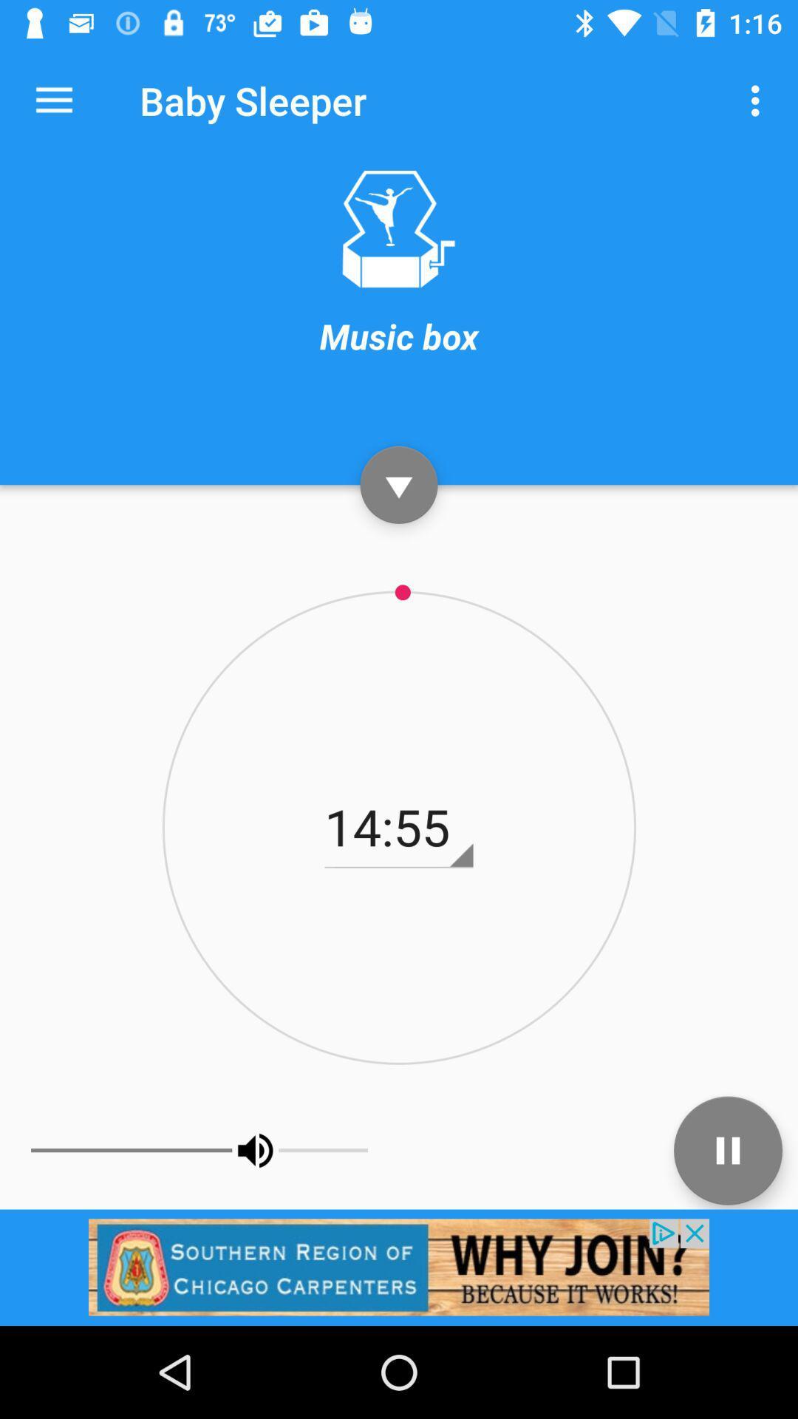  I want to click on advertisement, so click(399, 1266).